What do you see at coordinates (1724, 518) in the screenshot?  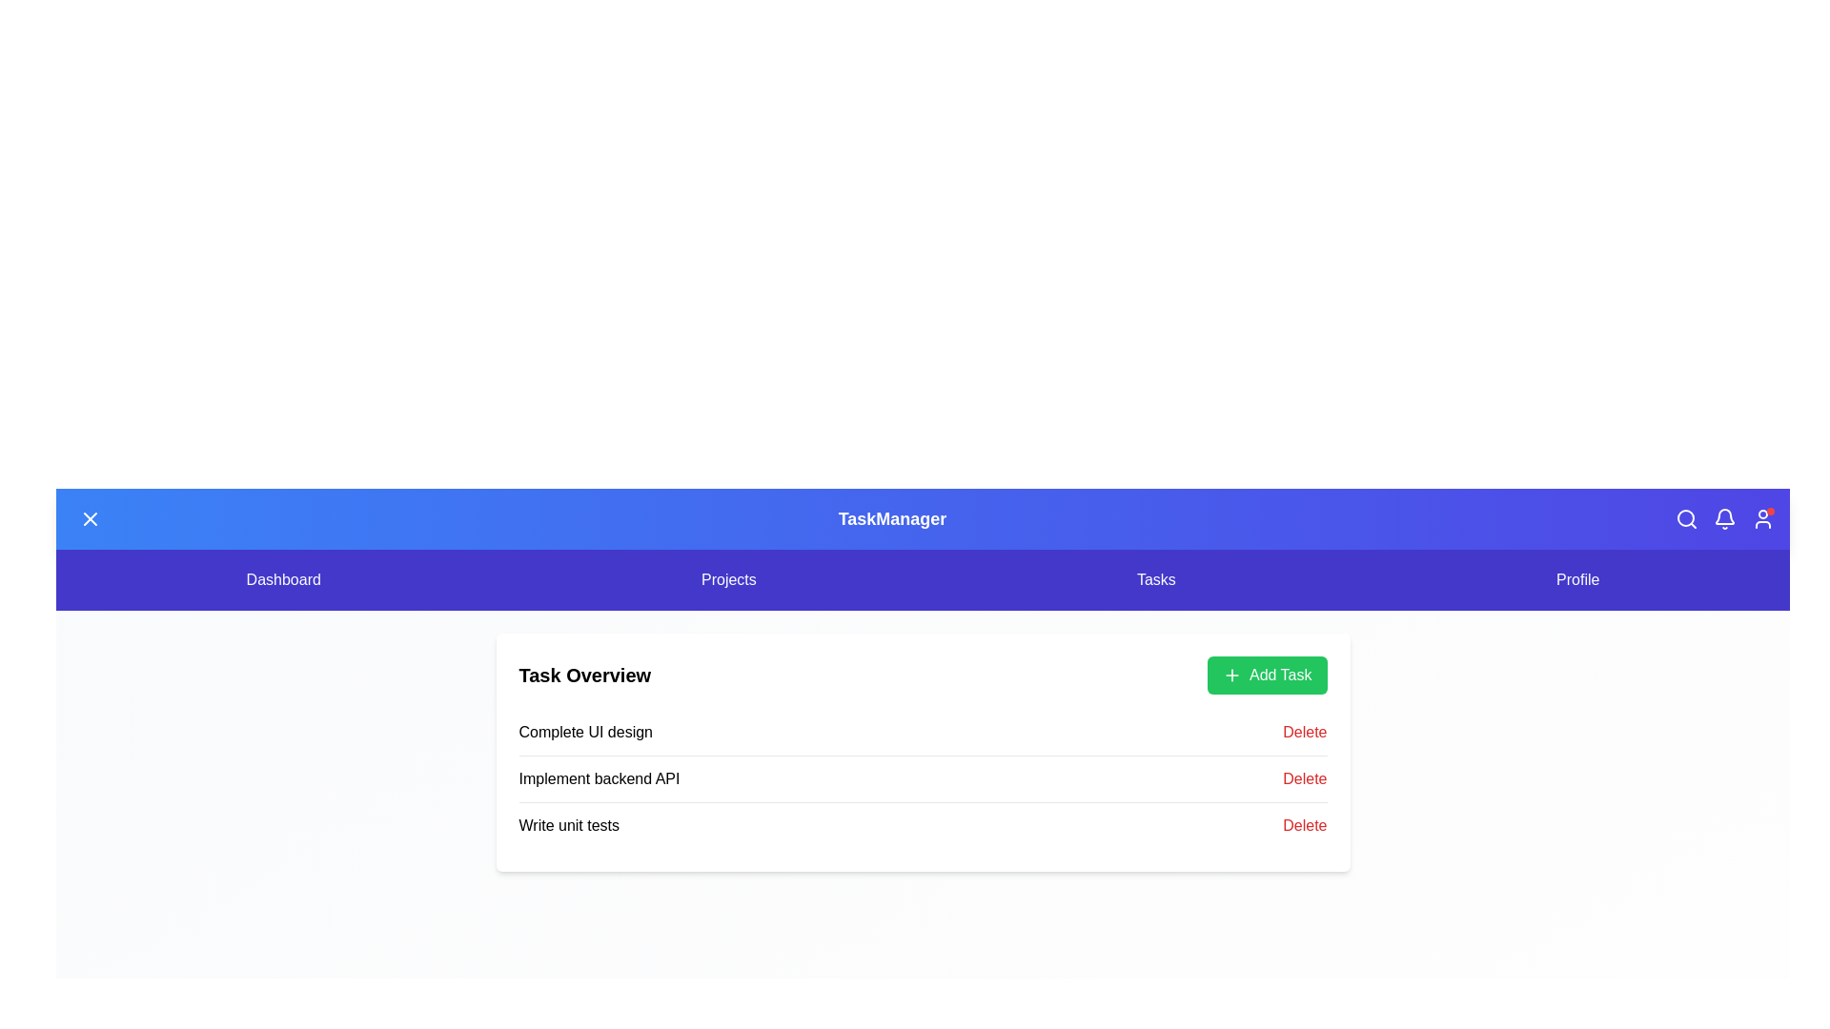 I see `the bell icon to open notifications` at bounding box center [1724, 518].